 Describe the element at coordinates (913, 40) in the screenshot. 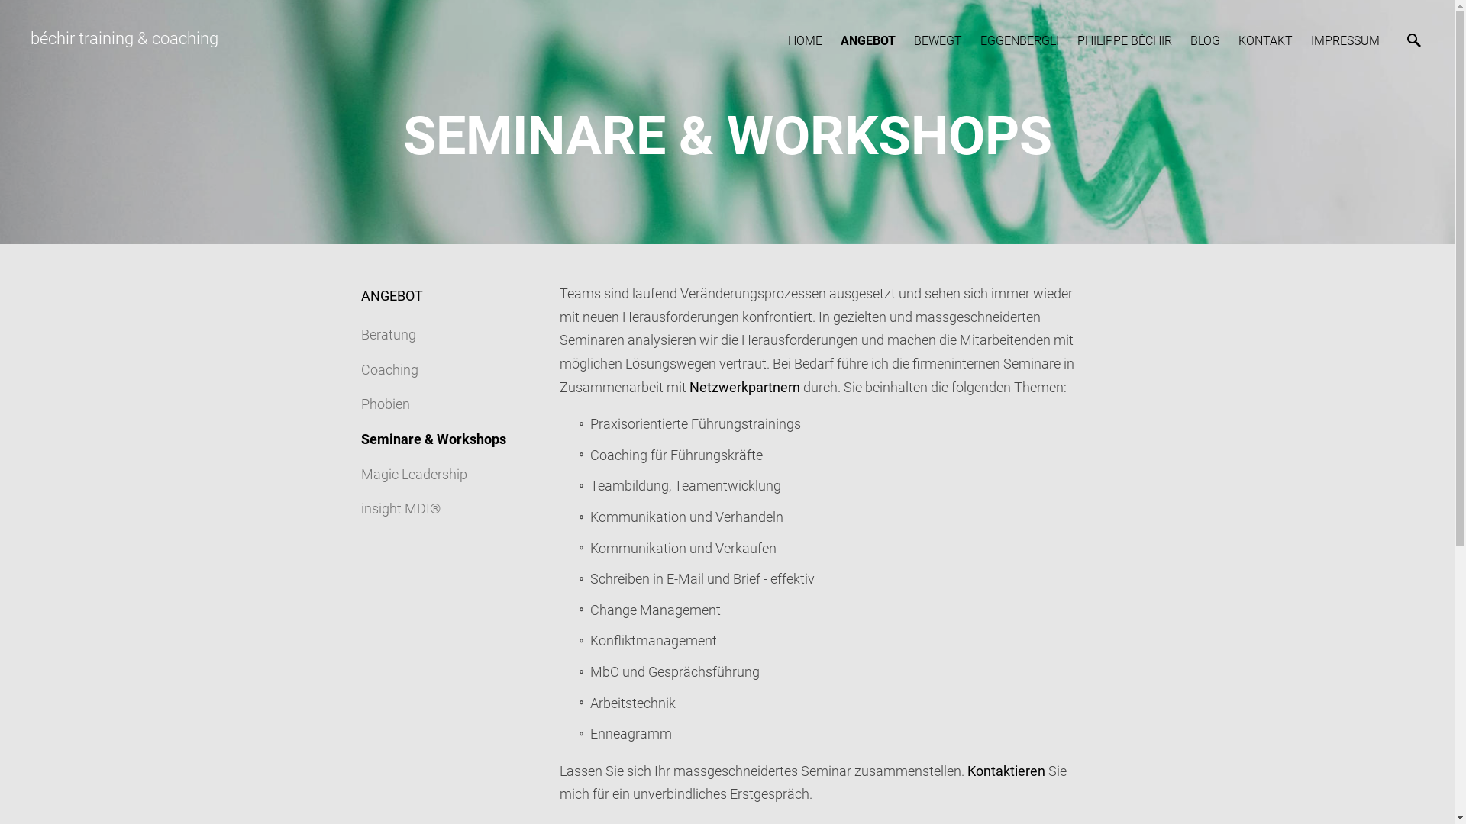

I see `'BEWEGT'` at that location.